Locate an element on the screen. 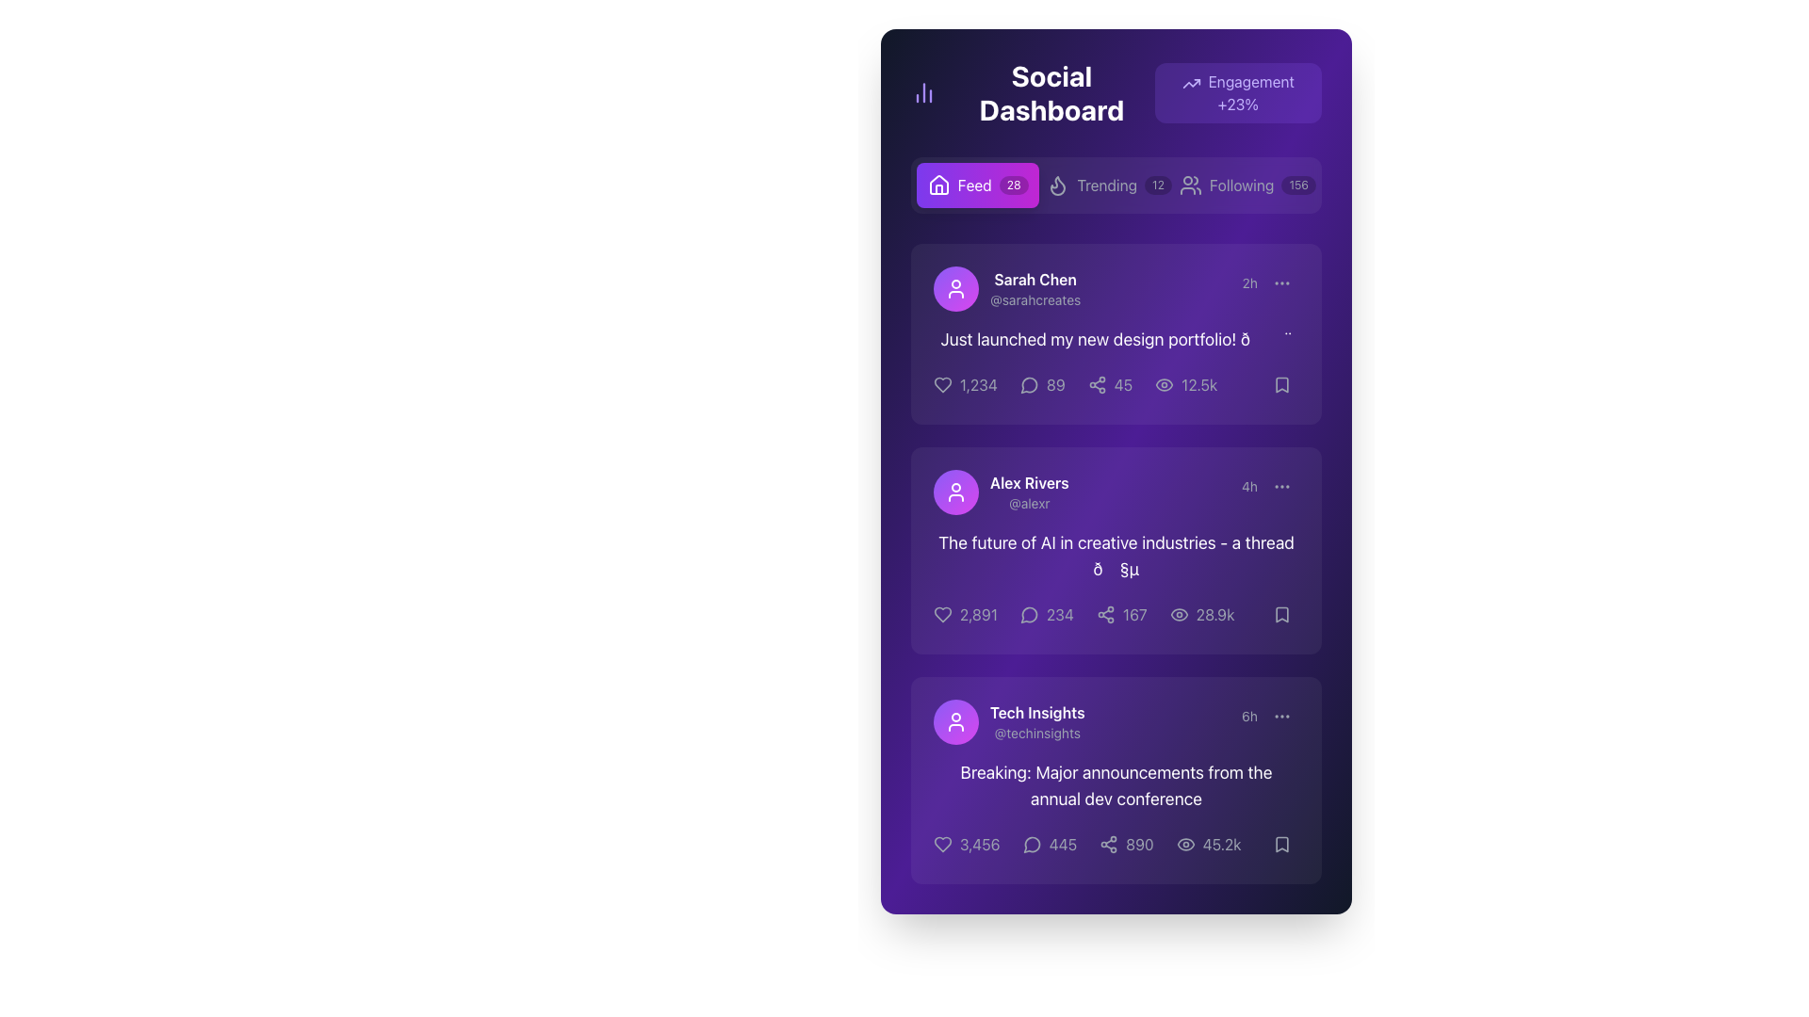  the timestamp text label located in the middle-right area of the post card authored by Alex Rivers is located at coordinates (1249, 485).